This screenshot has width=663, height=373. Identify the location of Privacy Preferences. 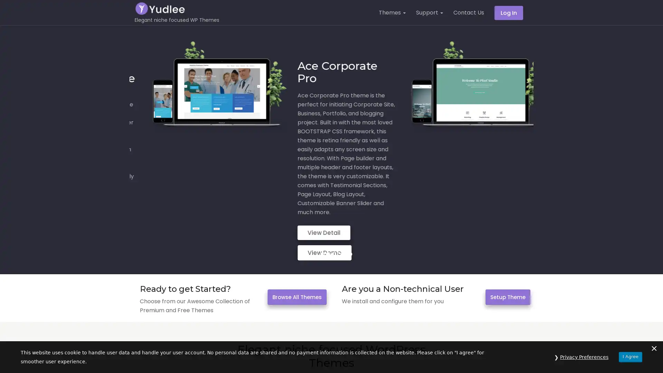
(584, 357).